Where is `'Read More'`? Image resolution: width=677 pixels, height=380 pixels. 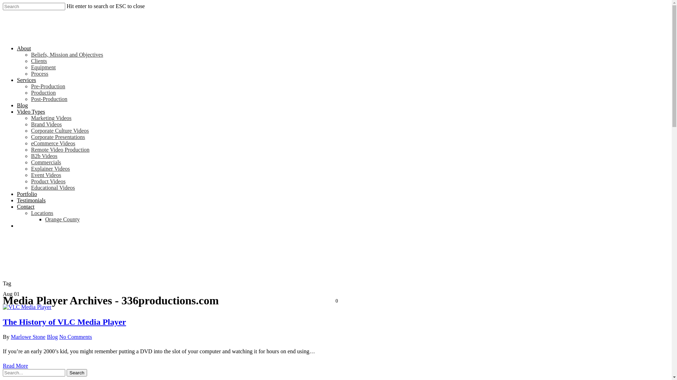 'Read More' is located at coordinates (15, 365).